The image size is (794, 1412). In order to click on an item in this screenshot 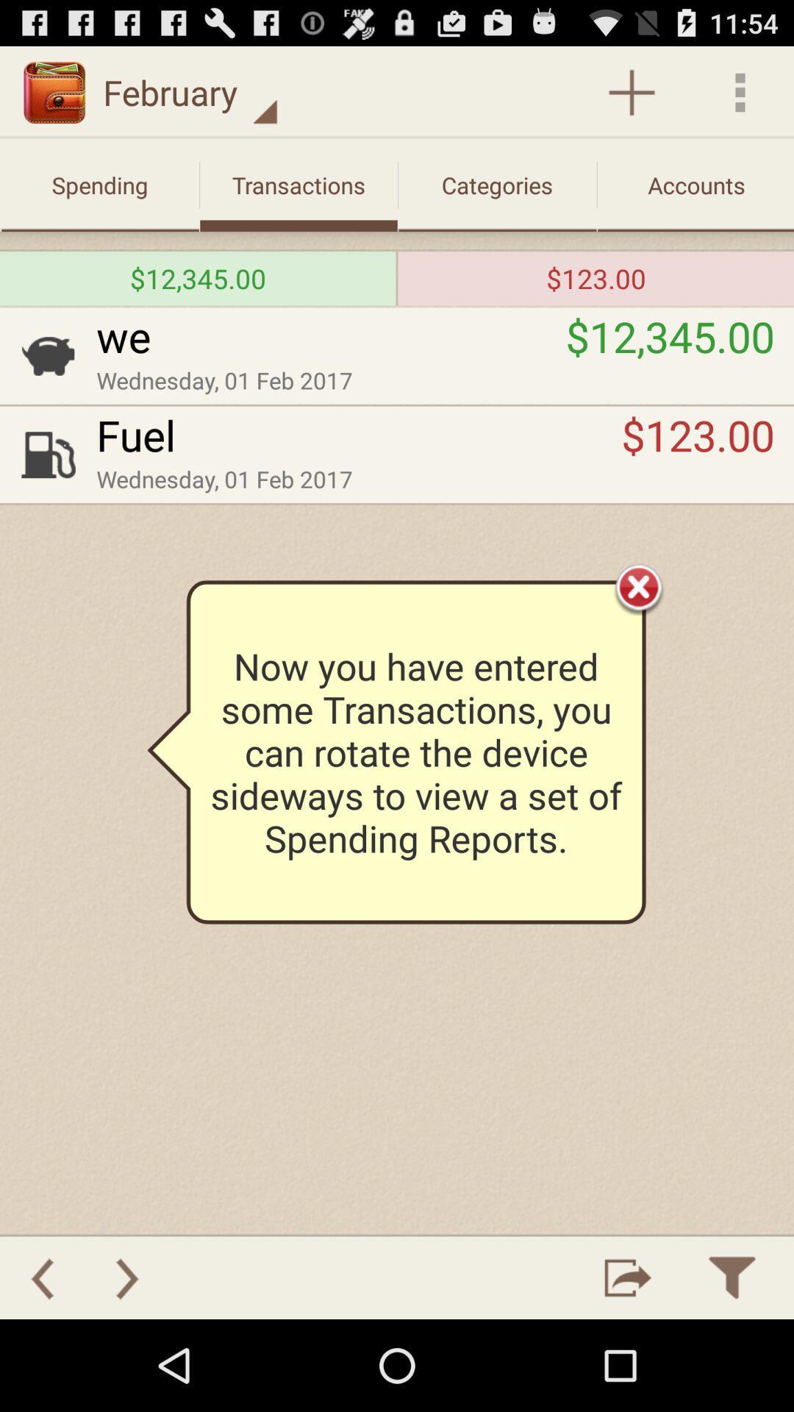, I will do `click(631, 91)`.